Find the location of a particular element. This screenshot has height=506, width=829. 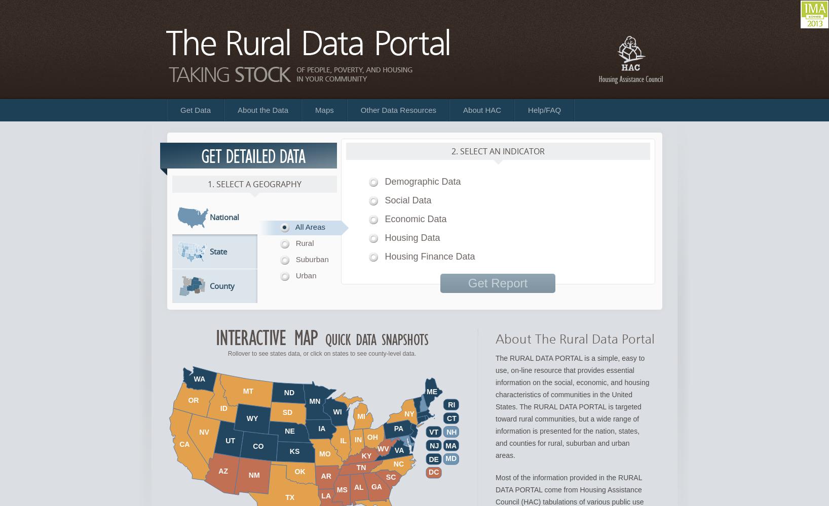

'IL' is located at coordinates (343, 440).